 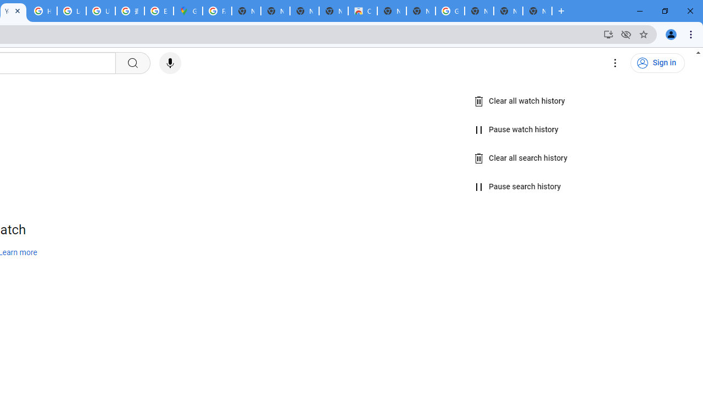 What do you see at coordinates (520, 101) in the screenshot?
I see `'Clear all watch history'` at bounding box center [520, 101].